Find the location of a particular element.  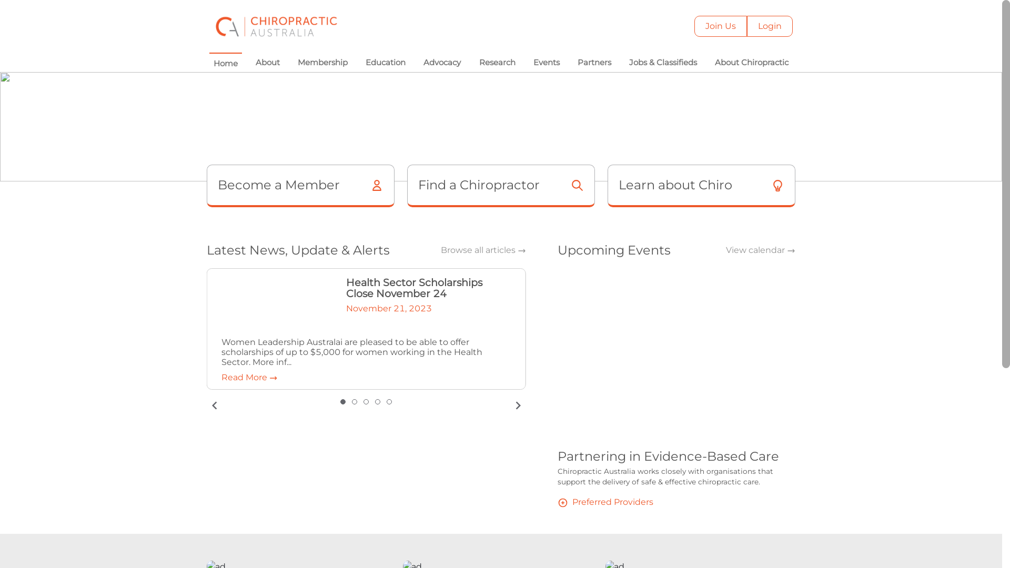

'Read More' is located at coordinates (220, 377).